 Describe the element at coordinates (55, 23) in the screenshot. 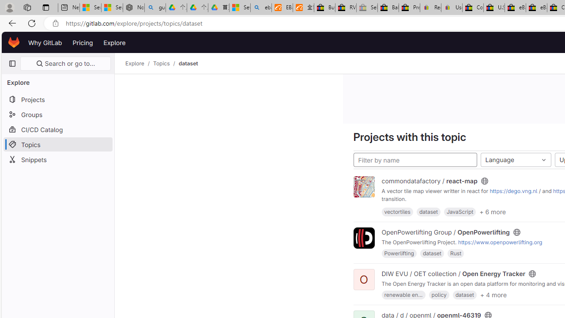

I see `'View site information'` at that location.